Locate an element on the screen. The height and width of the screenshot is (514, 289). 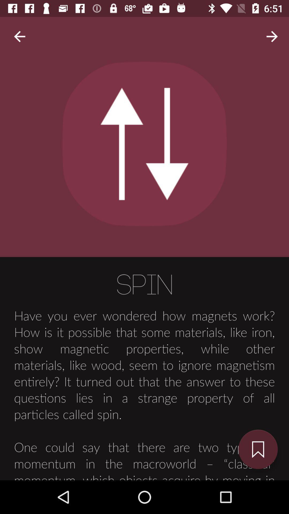
the bookmark icon is located at coordinates (258, 449).